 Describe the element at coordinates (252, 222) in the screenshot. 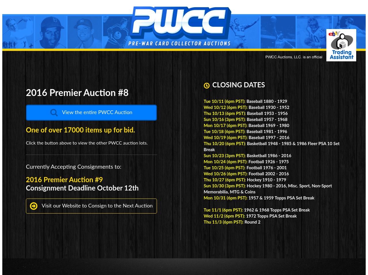

I see `'Round 2'` at that location.